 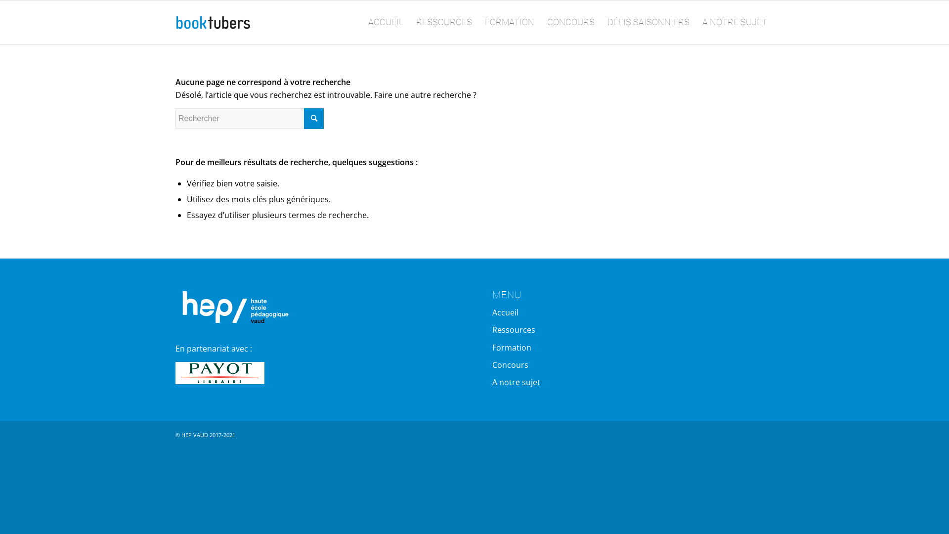 What do you see at coordinates (492, 382) in the screenshot?
I see `'A notre sujet'` at bounding box center [492, 382].